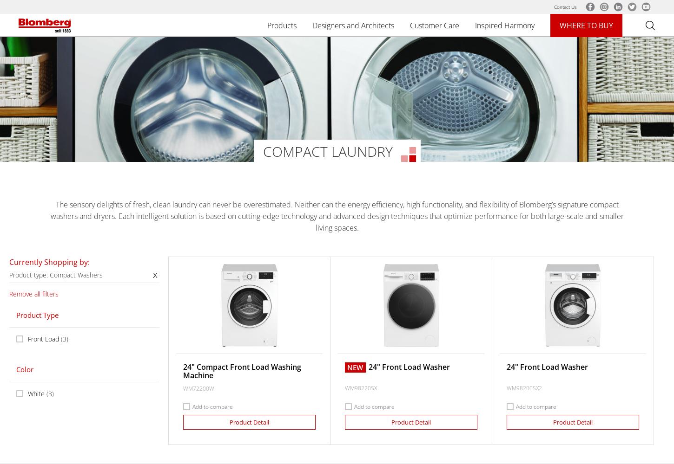  I want to click on 'White', so click(36, 393).